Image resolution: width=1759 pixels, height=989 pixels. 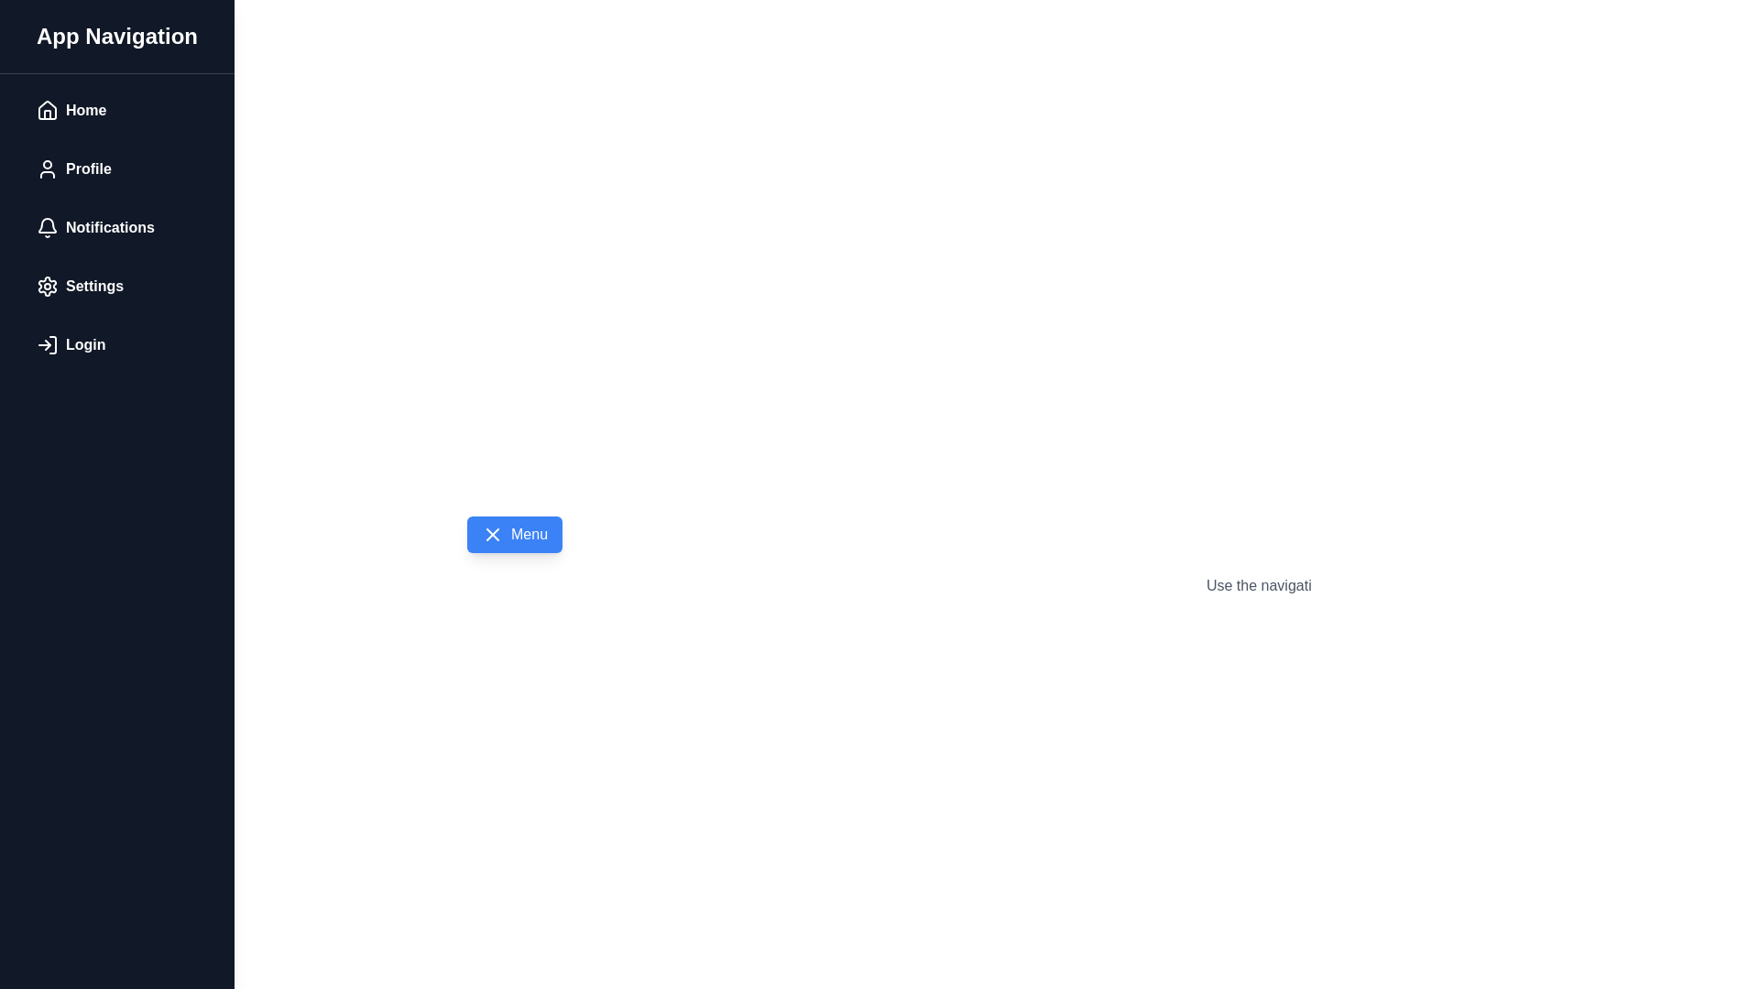 I want to click on the 'Login' static text label located in the left-side navigation pane, which is the fifth item in the vertical list, so click(x=84, y=345).